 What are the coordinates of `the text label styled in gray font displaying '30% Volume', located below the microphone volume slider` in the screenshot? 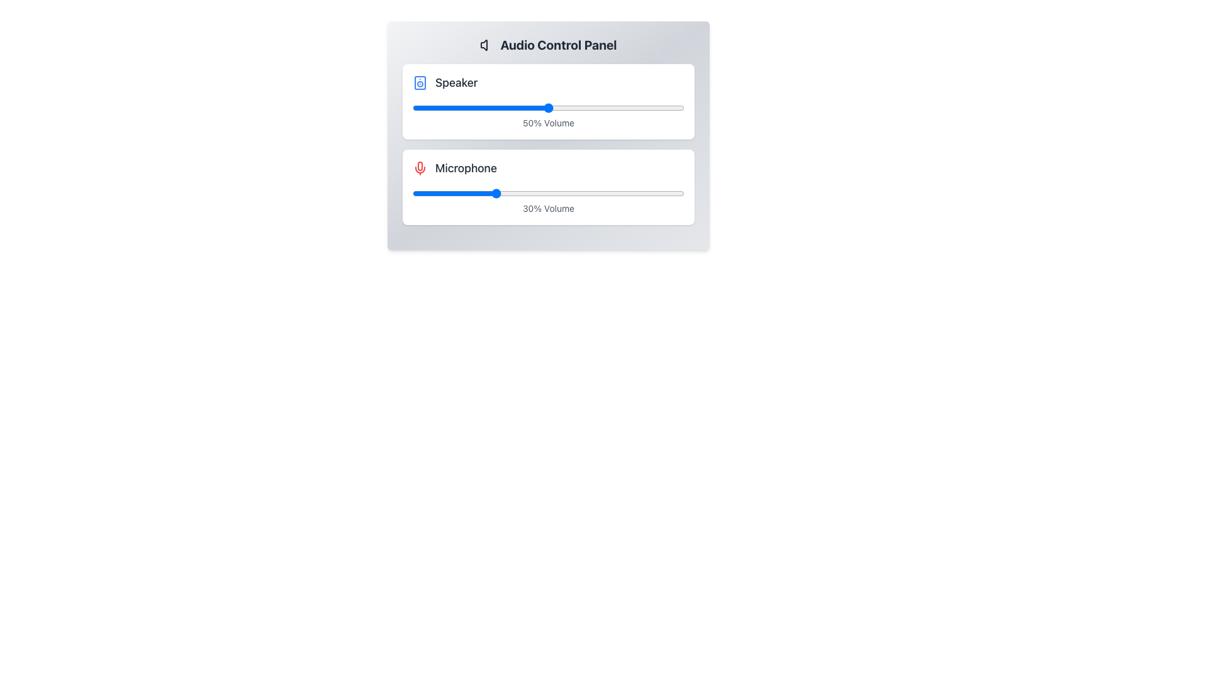 It's located at (549, 207).